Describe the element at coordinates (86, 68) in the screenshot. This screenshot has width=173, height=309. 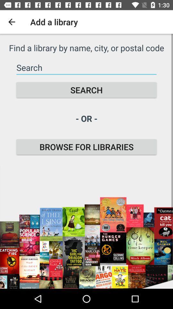
I see `text for search` at that location.